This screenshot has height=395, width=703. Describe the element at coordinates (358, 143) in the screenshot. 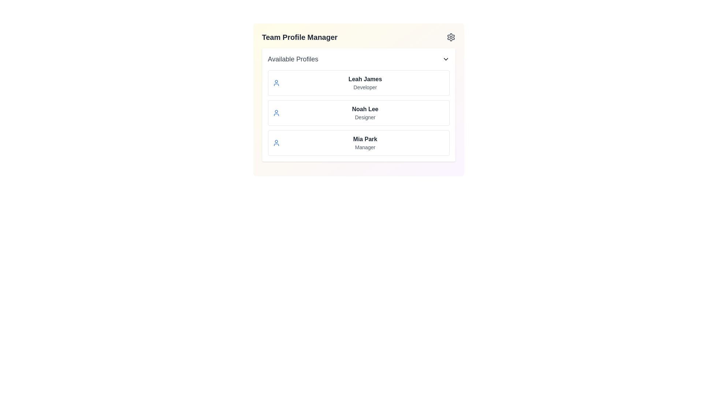

I see `the third list item in the 'Available Profiles' section, which displays the user 'Mia Park' and reveals additional options` at that location.